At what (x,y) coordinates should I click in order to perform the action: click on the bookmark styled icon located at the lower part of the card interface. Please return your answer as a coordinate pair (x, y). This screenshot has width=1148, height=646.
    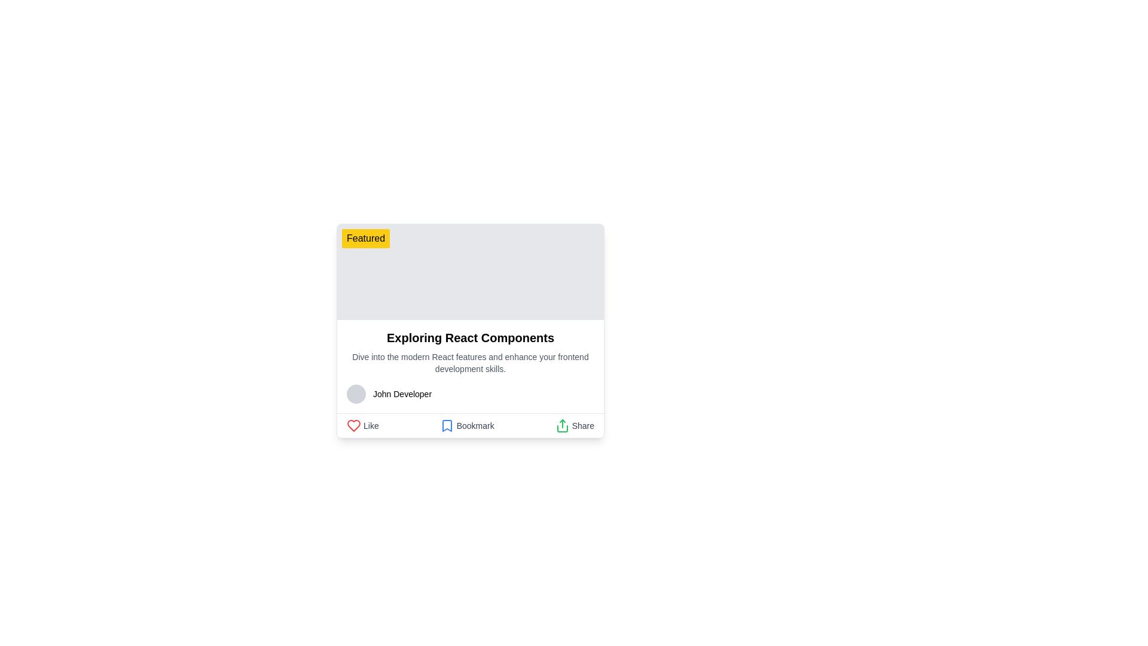
    Looking at the image, I should click on (446, 425).